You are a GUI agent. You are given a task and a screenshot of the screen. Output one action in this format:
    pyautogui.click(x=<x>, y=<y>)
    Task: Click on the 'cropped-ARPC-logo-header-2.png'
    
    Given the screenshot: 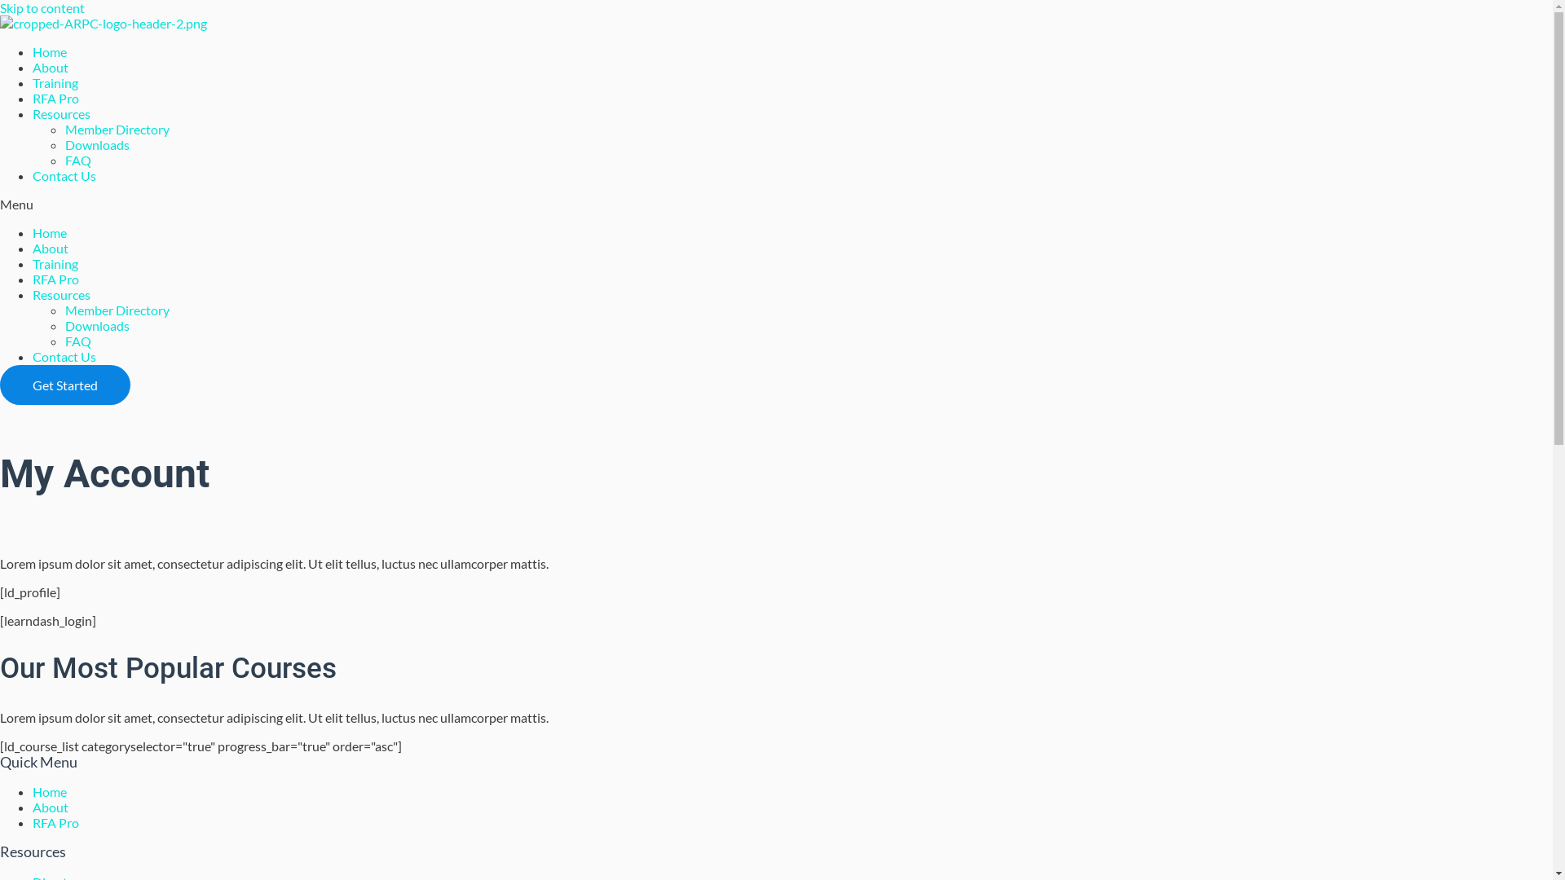 What is the action you would take?
    pyautogui.click(x=102, y=23)
    